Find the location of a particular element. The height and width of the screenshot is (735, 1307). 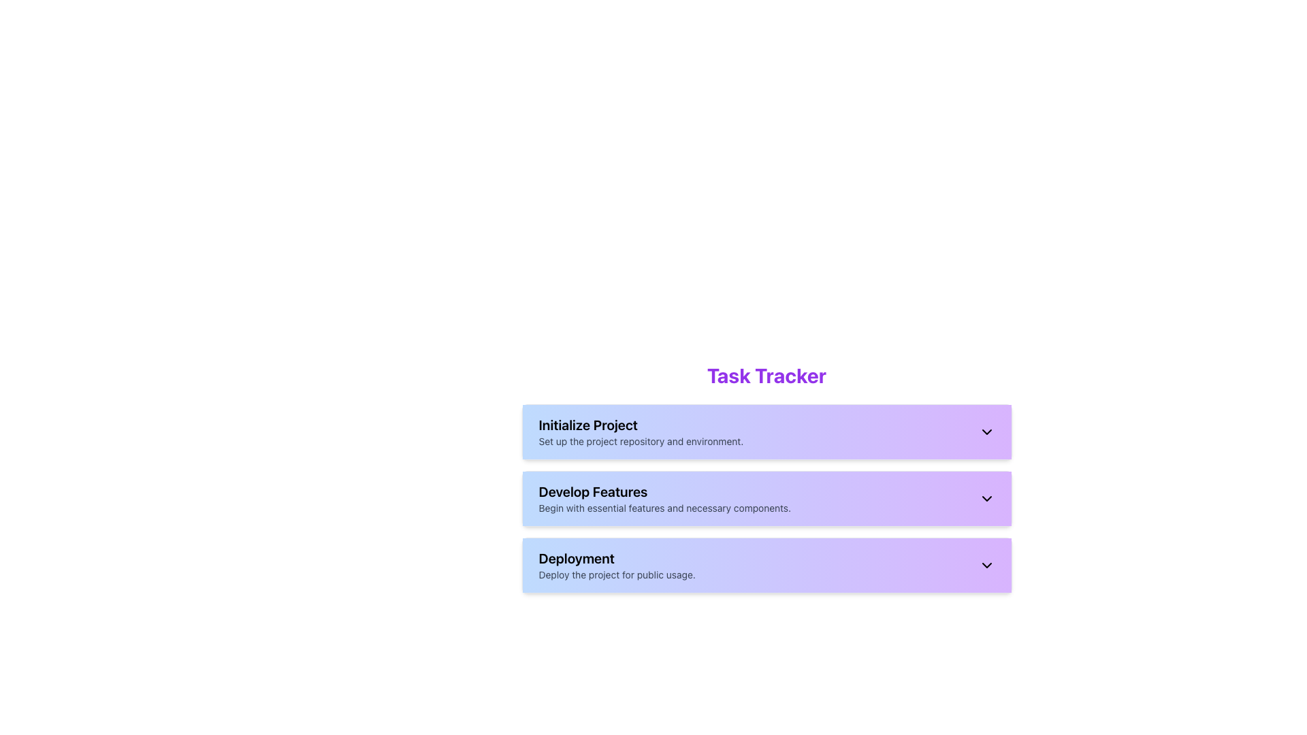

the Text Display that provides information about the 'Develop Features' step in the process, located between the 'Initialize Project' and 'Deployment' cards is located at coordinates (664, 498).